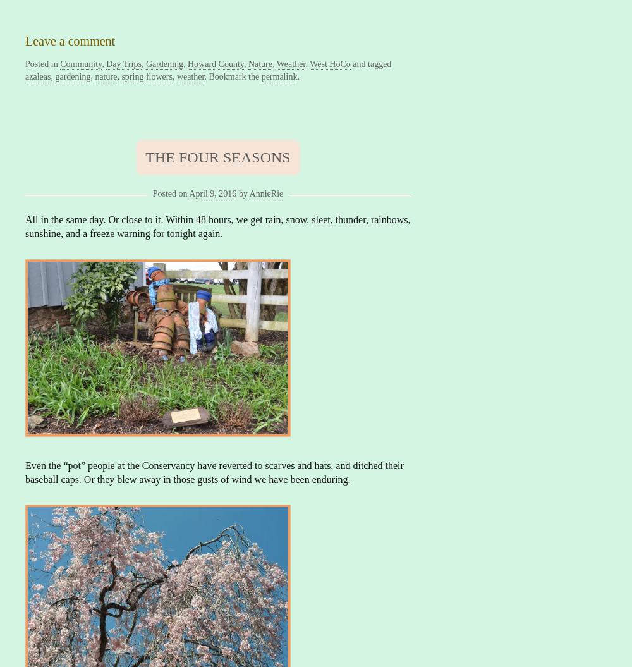  What do you see at coordinates (123, 63) in the screenshot?
I see `'Day Trips'` at bounding box center [123, 63].